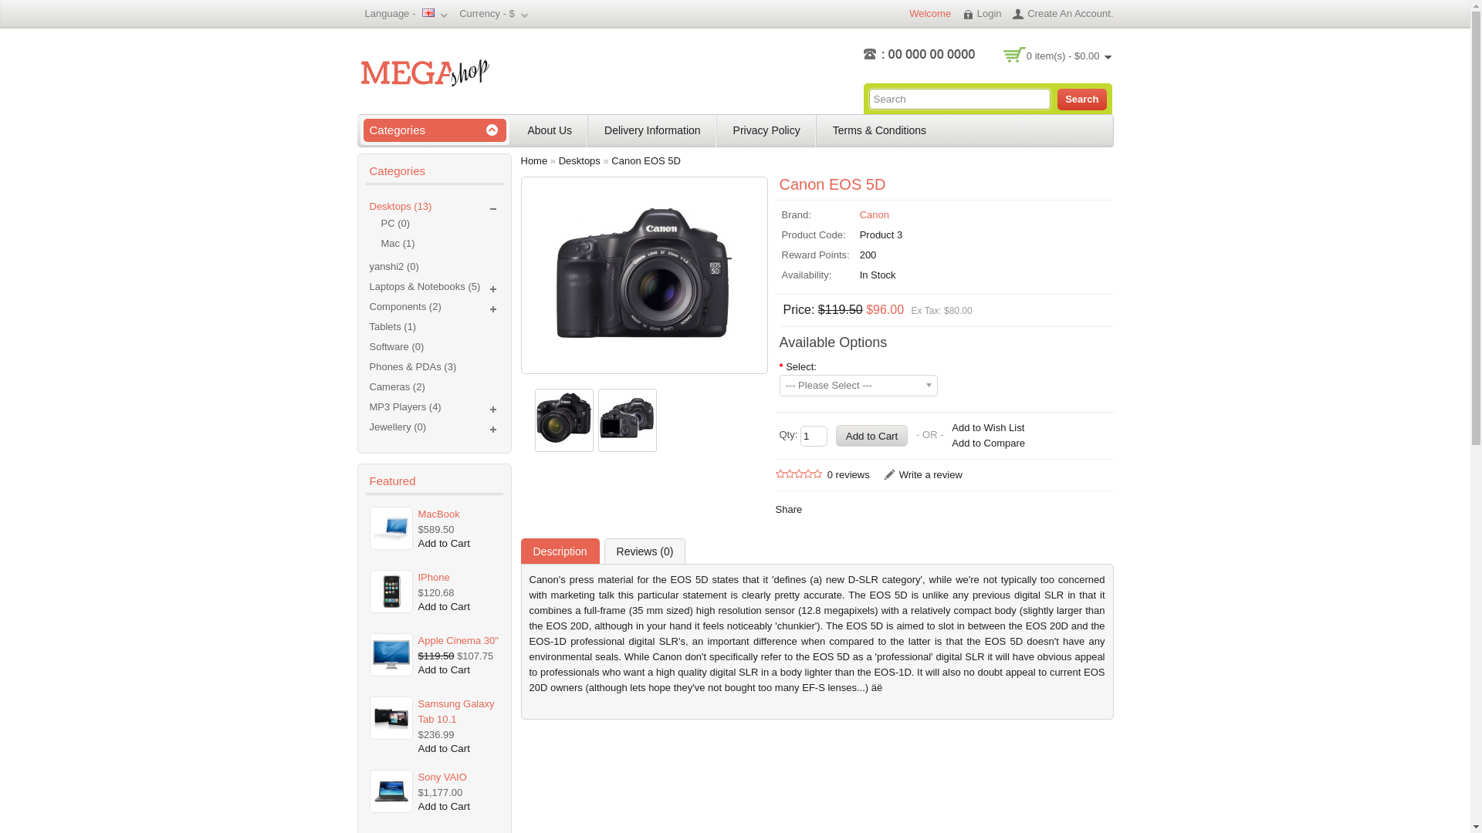 This screenshot has height=833, width=1482. Describe the element at coordinates (533, 160) in the screenshot. I see `'Home'` at that location.